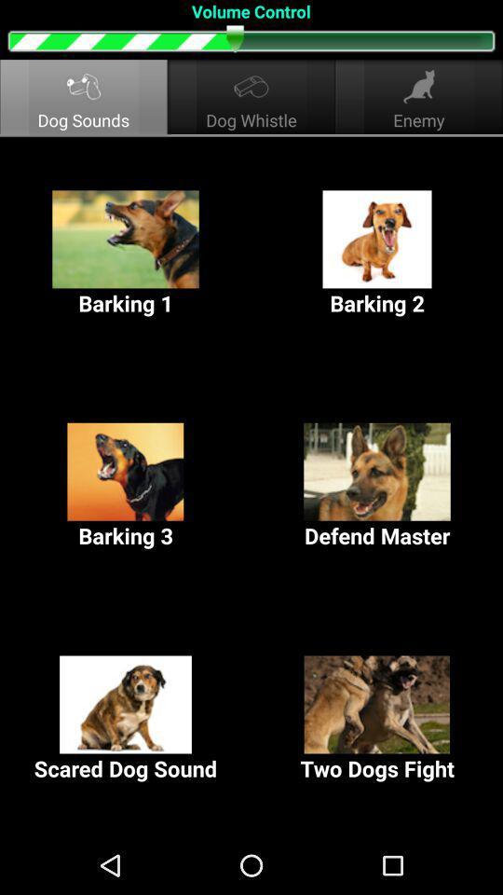 The image size is (503, 895). What do you see at coordinates (377, 486) in the screenshot?
I see `the defend master` at bounding box center [377, 486].